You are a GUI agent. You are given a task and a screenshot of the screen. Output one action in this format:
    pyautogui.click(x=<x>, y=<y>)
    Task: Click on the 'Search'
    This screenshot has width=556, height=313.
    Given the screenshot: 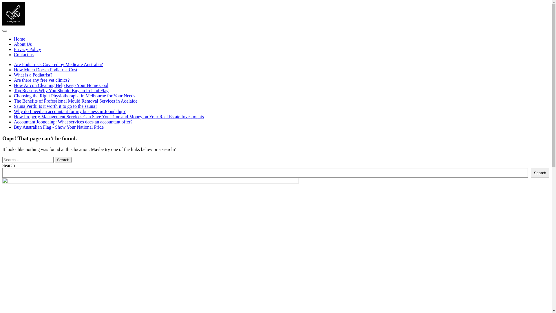 What is the action you would take?
    pyautogui.click(x=63, y=160)
    